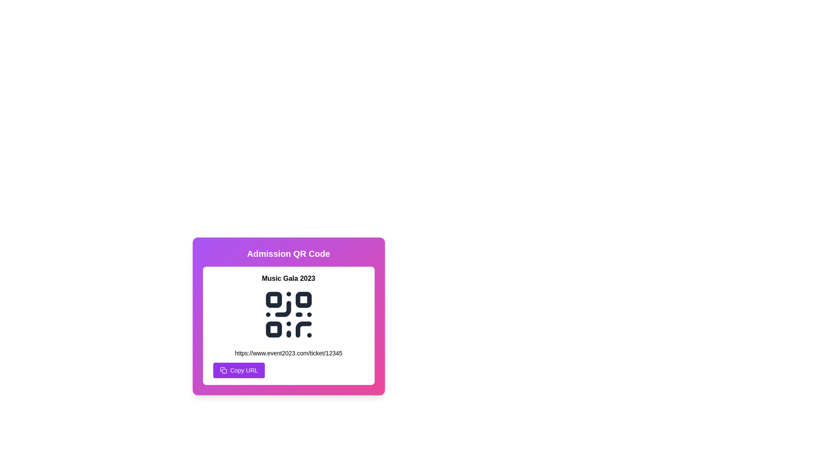 The width and height of the screenshot is (824, 463). Describe the element at coordinates (273, 299) in the screenshot. I see `the first square block of the QR code, which serves as a graphical representation of a segment contributing to the scannable pattern` at that location.